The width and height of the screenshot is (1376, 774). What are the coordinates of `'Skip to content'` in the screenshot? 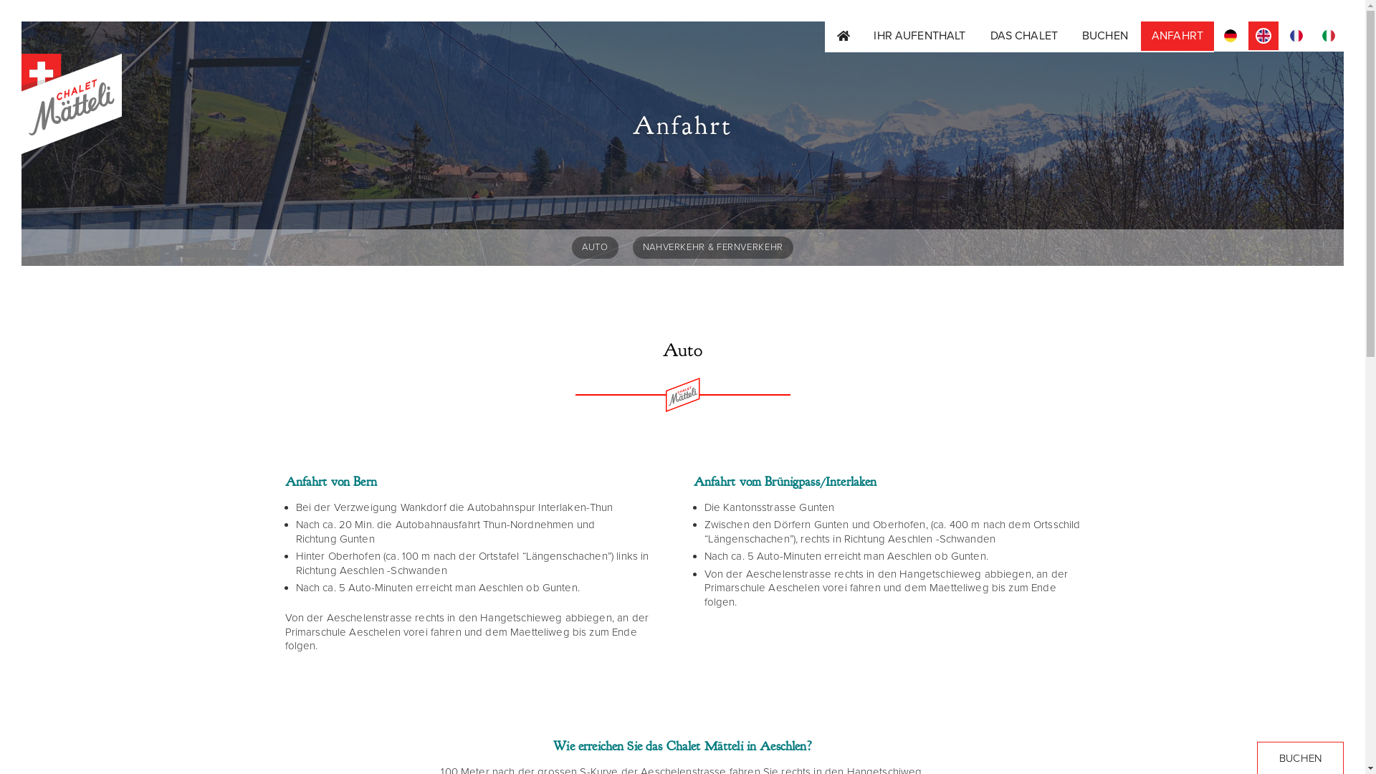 It's located at (21, 21).